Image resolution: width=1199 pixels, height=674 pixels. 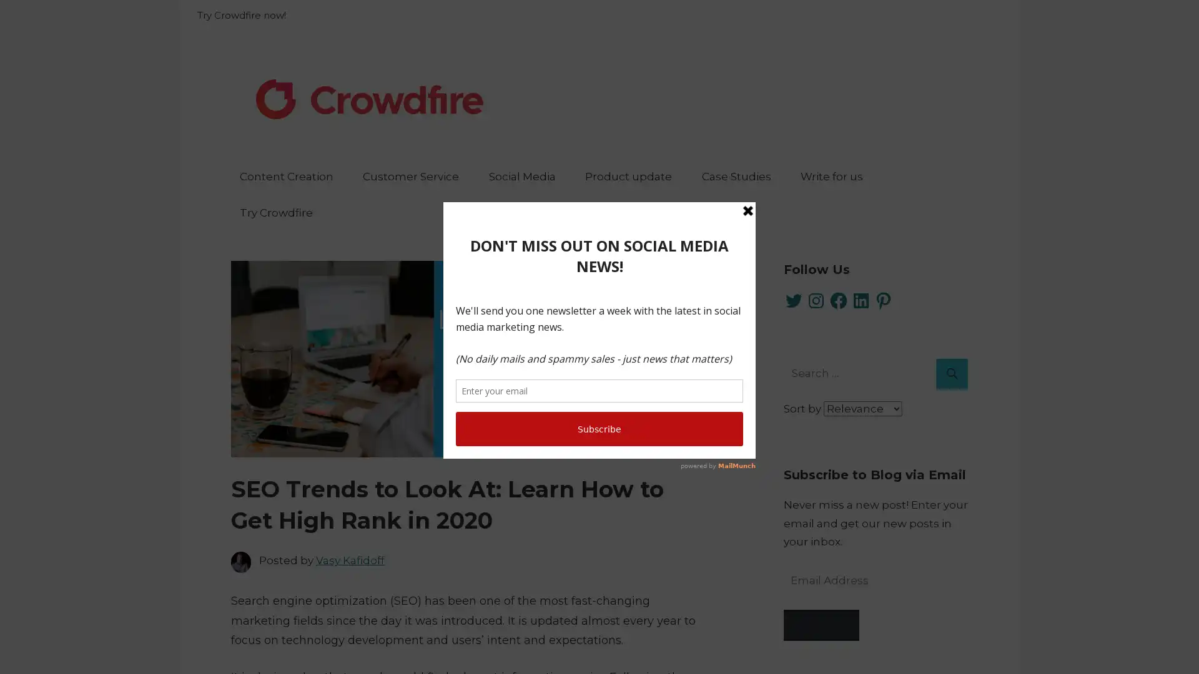 What do you see at coordinates (821, 625) in the screenshot?
I see `Subscribe` at bounding box center [821, 625].